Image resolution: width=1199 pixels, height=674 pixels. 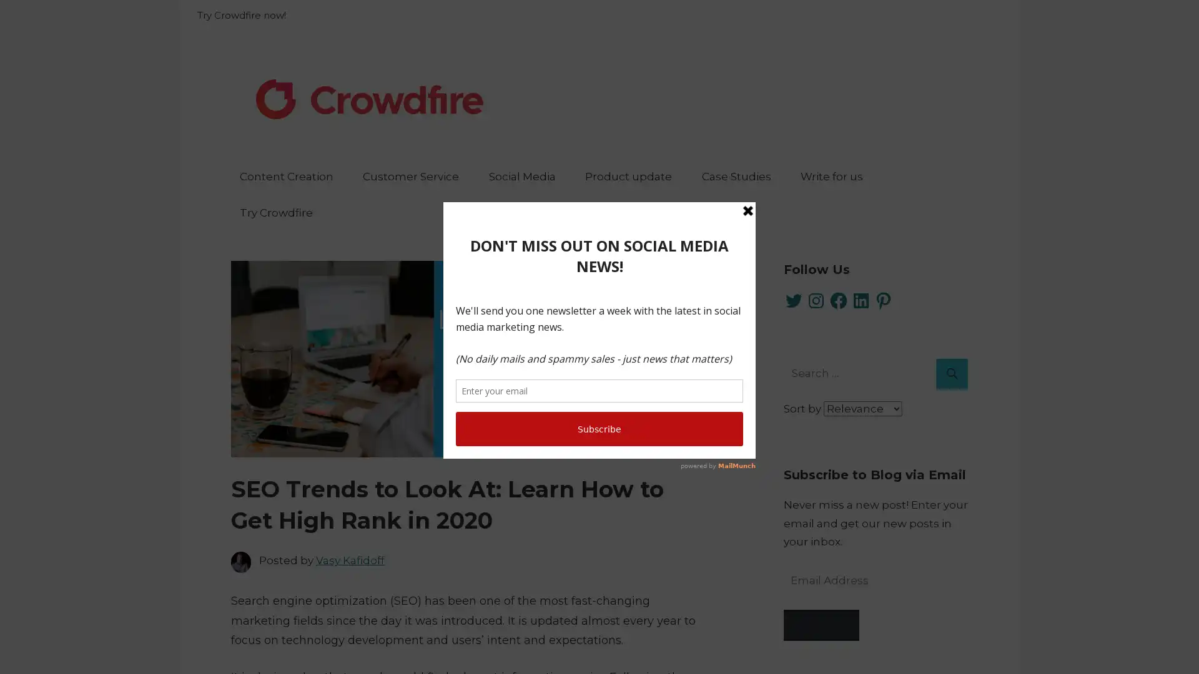 What do you see at coordinates (821, 625) in the screenshot?
I see `Subscribe` at bounding box center [821, 625].